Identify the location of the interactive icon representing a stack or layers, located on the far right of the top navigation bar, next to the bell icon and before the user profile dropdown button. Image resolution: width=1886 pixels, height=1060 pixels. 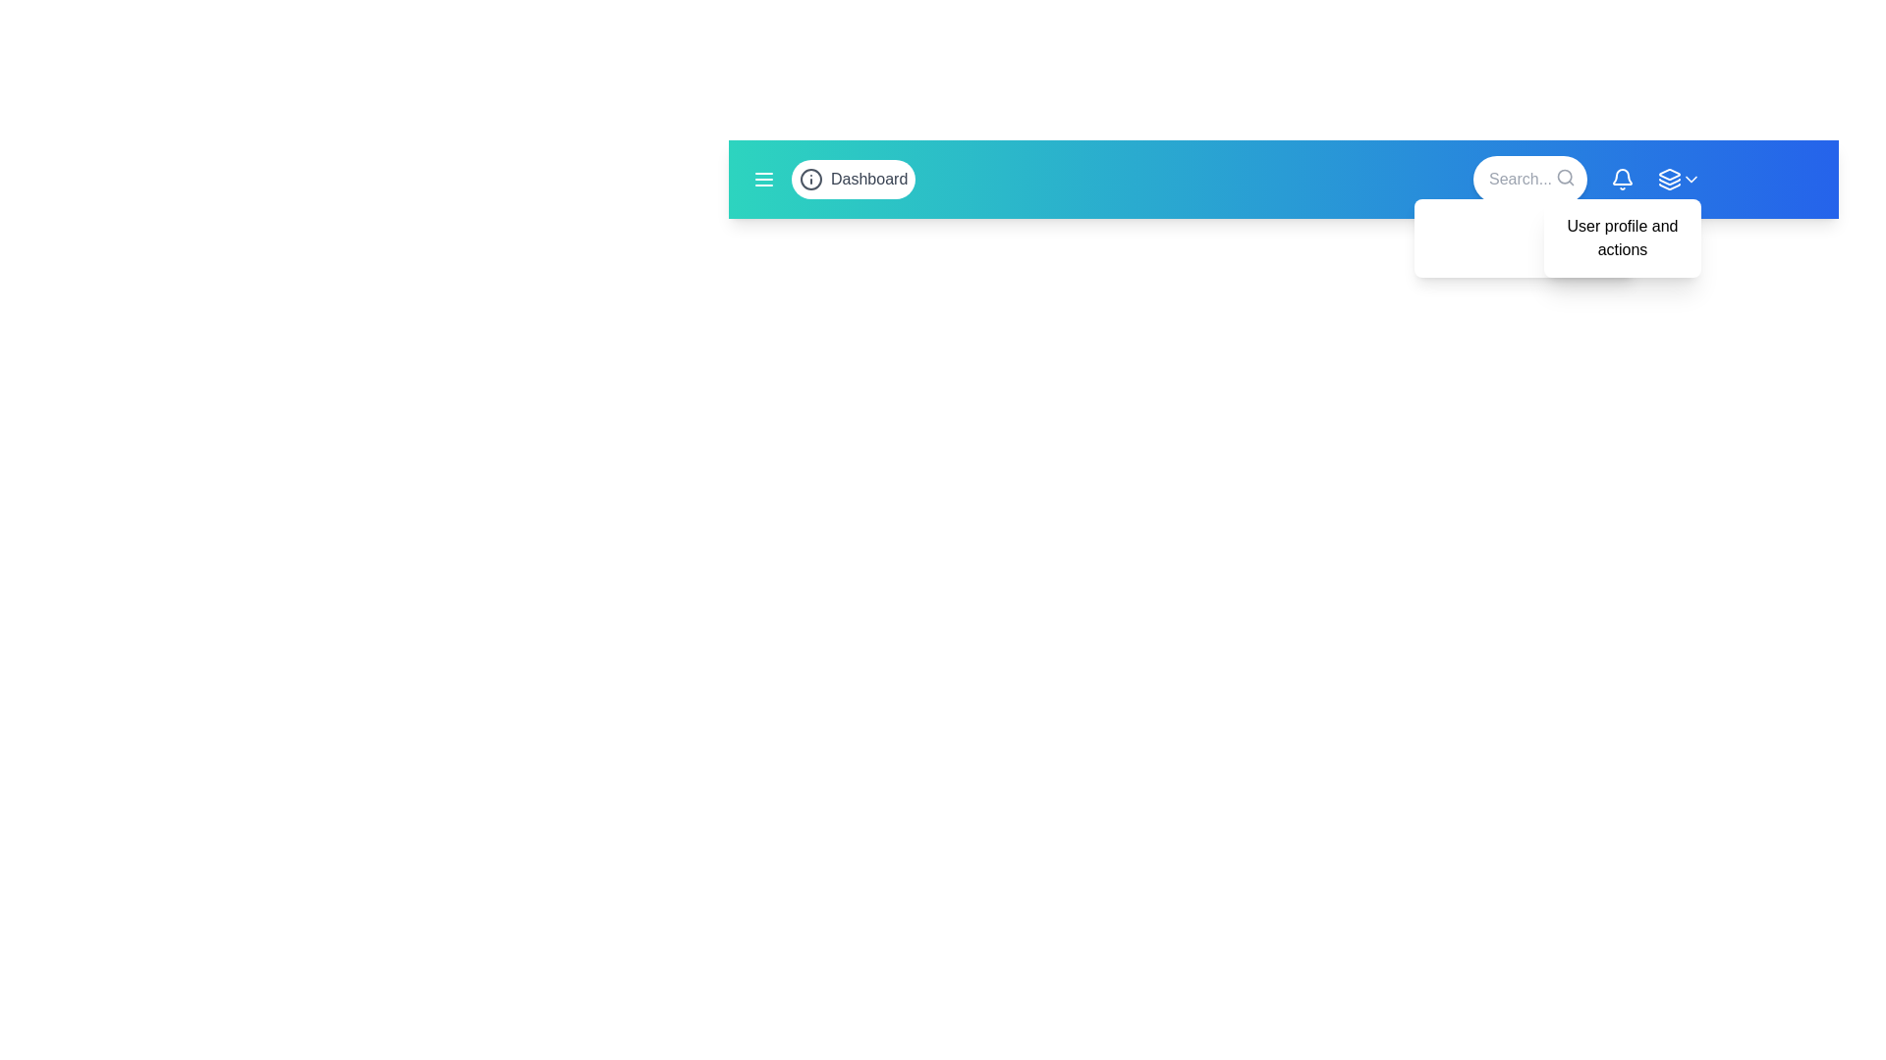
(1668, 173).